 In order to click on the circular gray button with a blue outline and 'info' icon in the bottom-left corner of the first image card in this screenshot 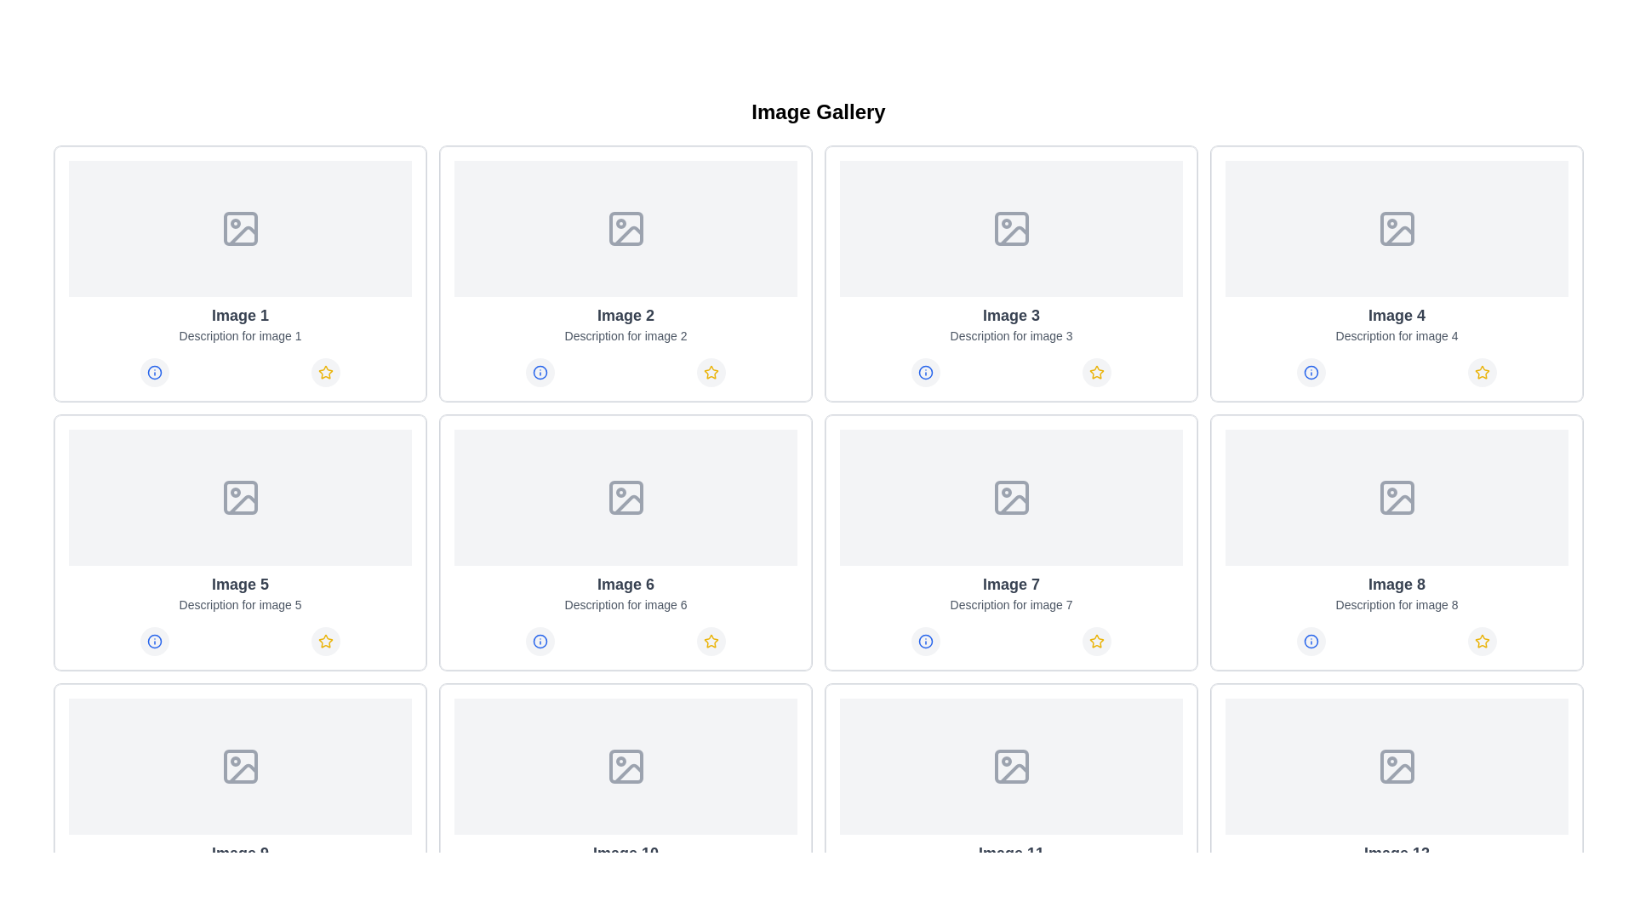, I will do `click(154, 372)`.